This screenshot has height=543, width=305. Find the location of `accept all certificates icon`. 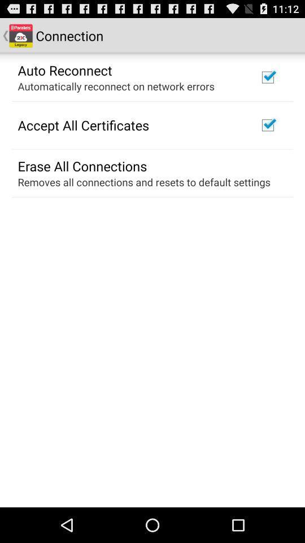

accept all certificates icon is located at coordinates (82, 125).